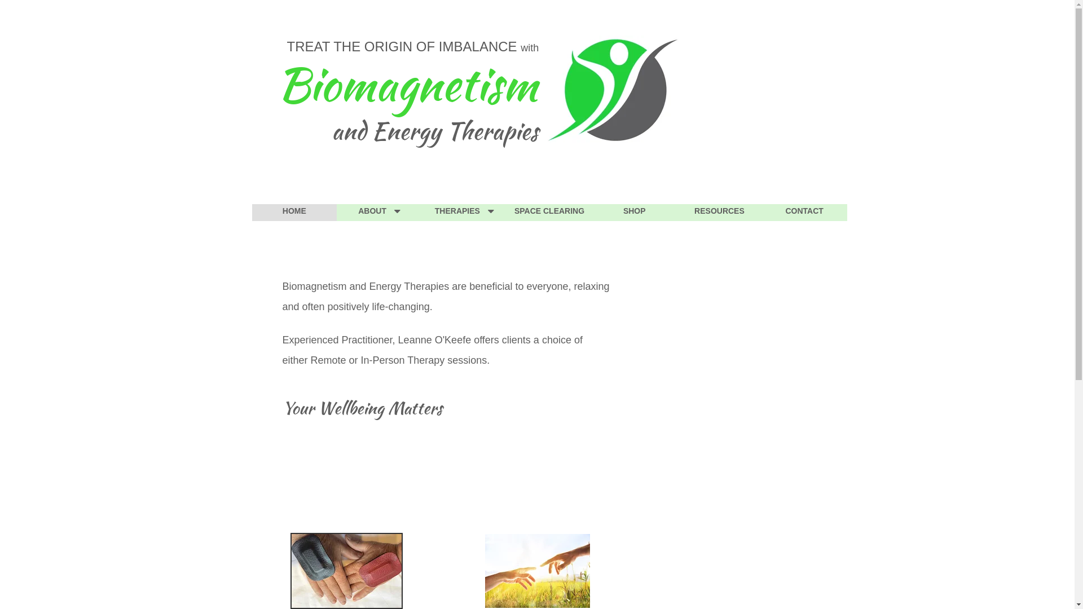  I want to click on 'HOME', so click(294, 213).